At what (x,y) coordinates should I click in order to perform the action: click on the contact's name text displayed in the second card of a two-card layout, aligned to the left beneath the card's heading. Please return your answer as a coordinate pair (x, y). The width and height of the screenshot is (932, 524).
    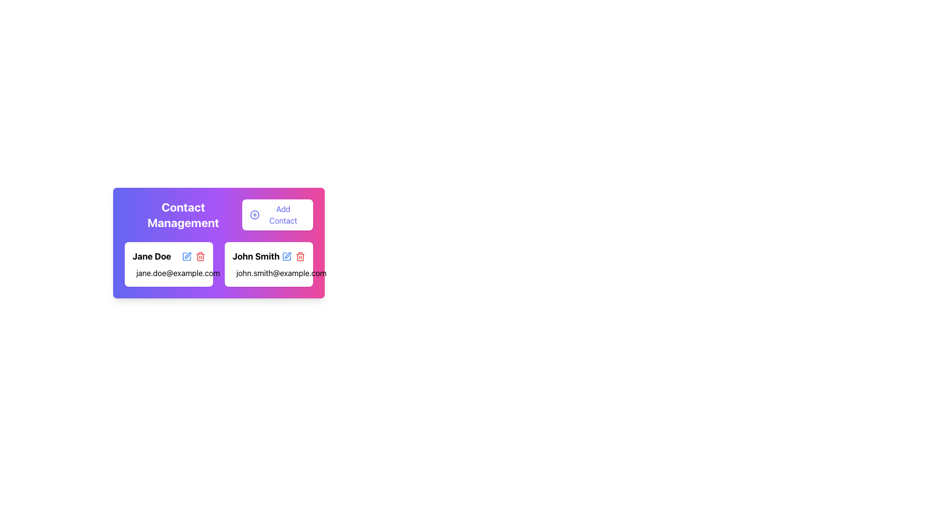
    Looking at the image, I should click on (256, 256).